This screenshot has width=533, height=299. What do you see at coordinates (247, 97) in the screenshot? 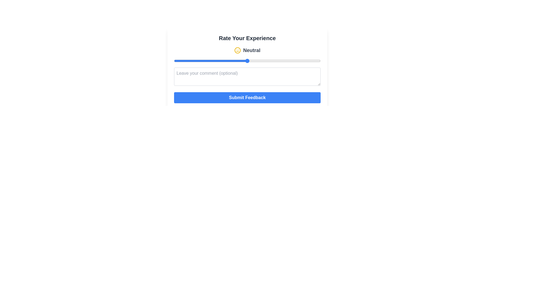
I see `the 'Submit Feedback' button` at bounding box center [247, 97].